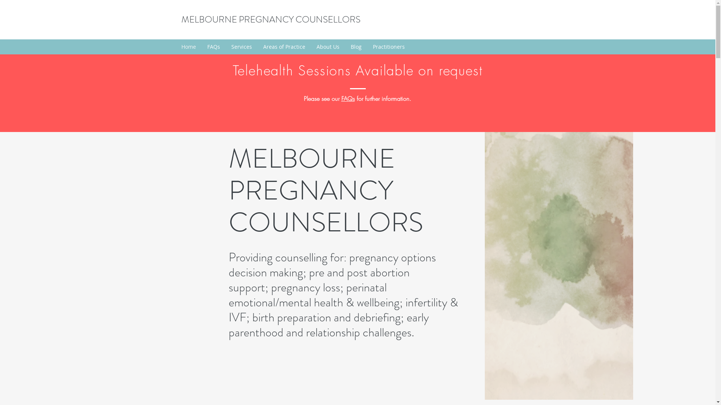 This screenshot has height=405, width=721. Describe the element at coordinates (344, 46) in the screenshot. I see `'Blog'` at that location.